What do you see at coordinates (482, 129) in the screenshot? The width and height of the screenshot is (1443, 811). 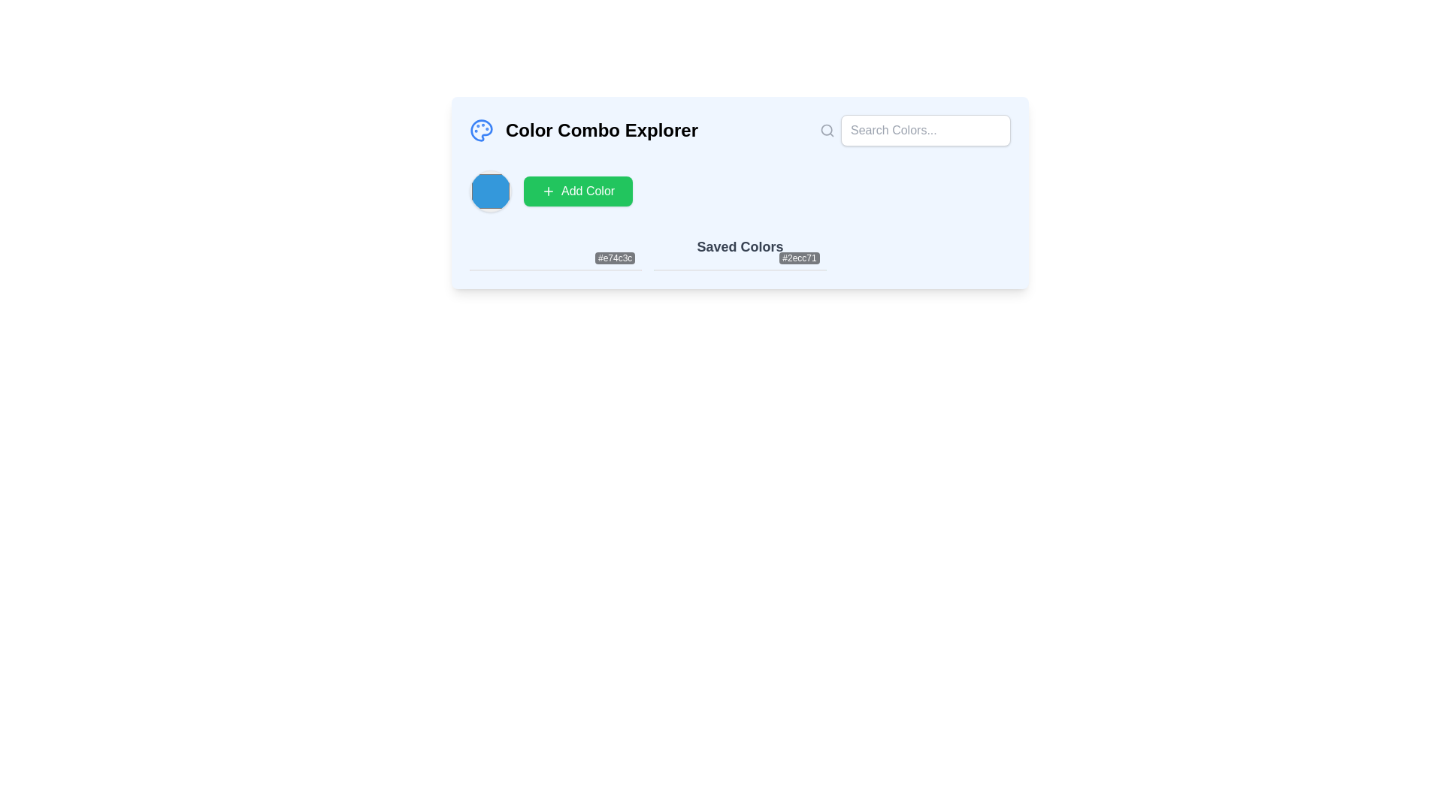 I see `the Decorative Icon resembling an artist's palette, which is blue with colorful dots, located next to the 'Color Combo Explorer' text` at bounding box center [482, 129].